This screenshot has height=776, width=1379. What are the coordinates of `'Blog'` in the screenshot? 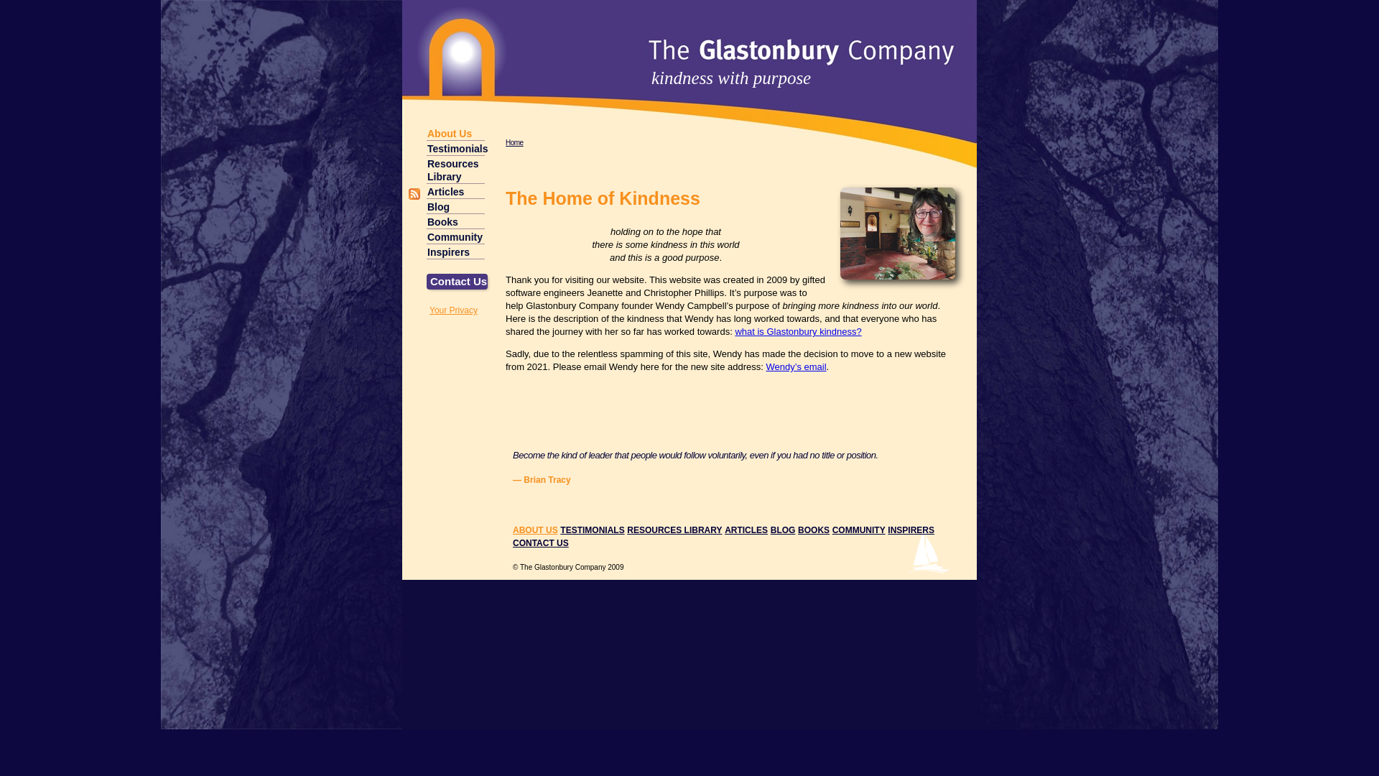 It's located at (455, 206).